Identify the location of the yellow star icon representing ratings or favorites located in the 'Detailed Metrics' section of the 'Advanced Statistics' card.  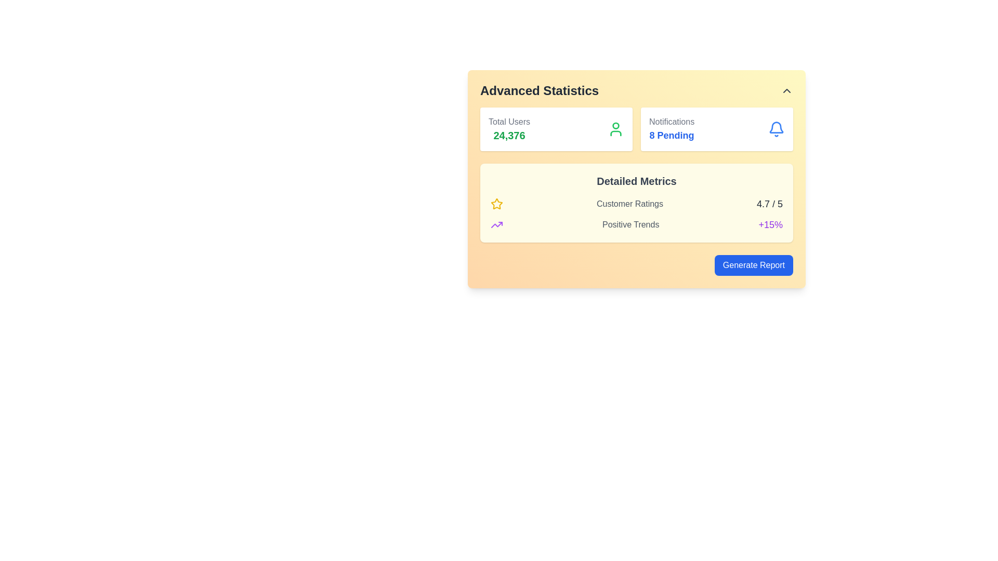
(496, 204).